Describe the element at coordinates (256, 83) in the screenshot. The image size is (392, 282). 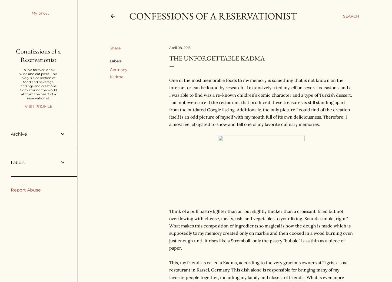
I see `'One of the most memorable foods to my memory is something
that is not known on the internet or can be found by research.'` at that location.